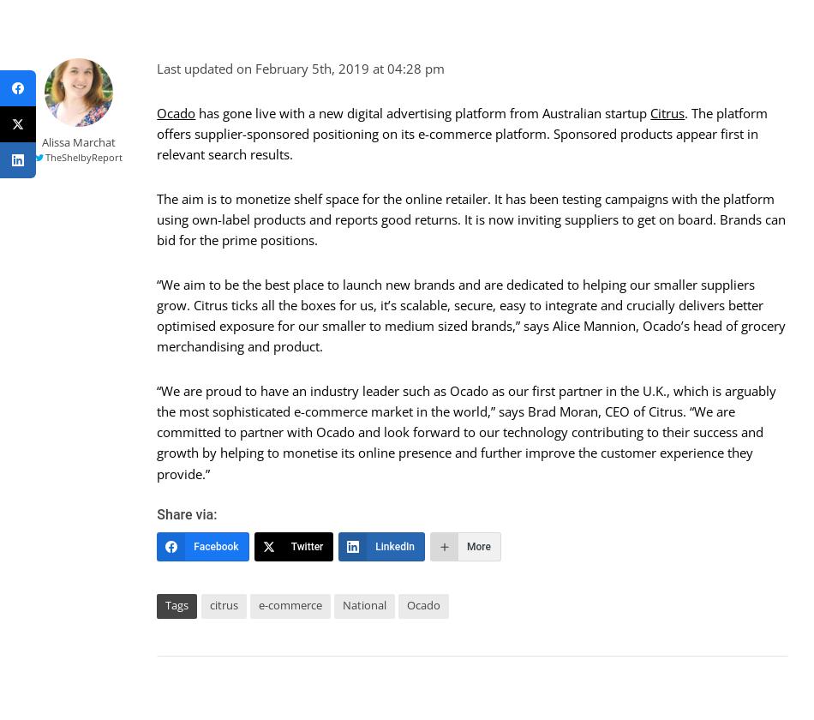  Describe the element at coordinates (258, 604) in the screenshot. I see `'e-commerce'` at that location.